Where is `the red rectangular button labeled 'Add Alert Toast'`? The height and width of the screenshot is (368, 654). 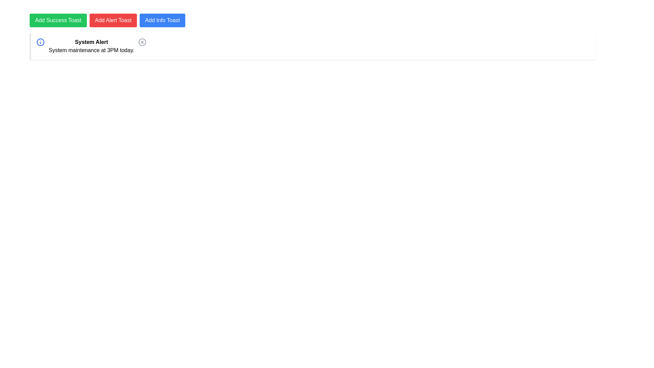
the red rectangular button labeled 'Add Alert Toast' is located at coordinates (113, 20).